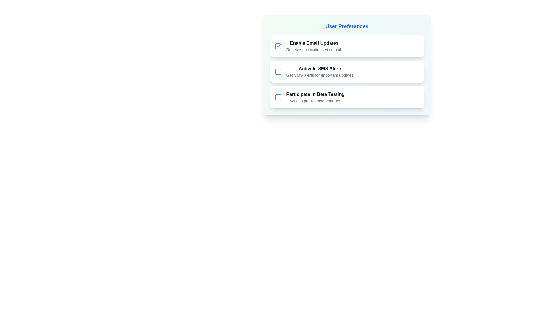 This screenshot has width=559, height=314. What do you see at coordinates (278, 97) in the screenshot?
I see `the small square with rounded corners icon located within the SVG structure, which is situated to the left of the 'Participate in Beta Testing' text label in the bottommost list` at bounding box center [278, 97].